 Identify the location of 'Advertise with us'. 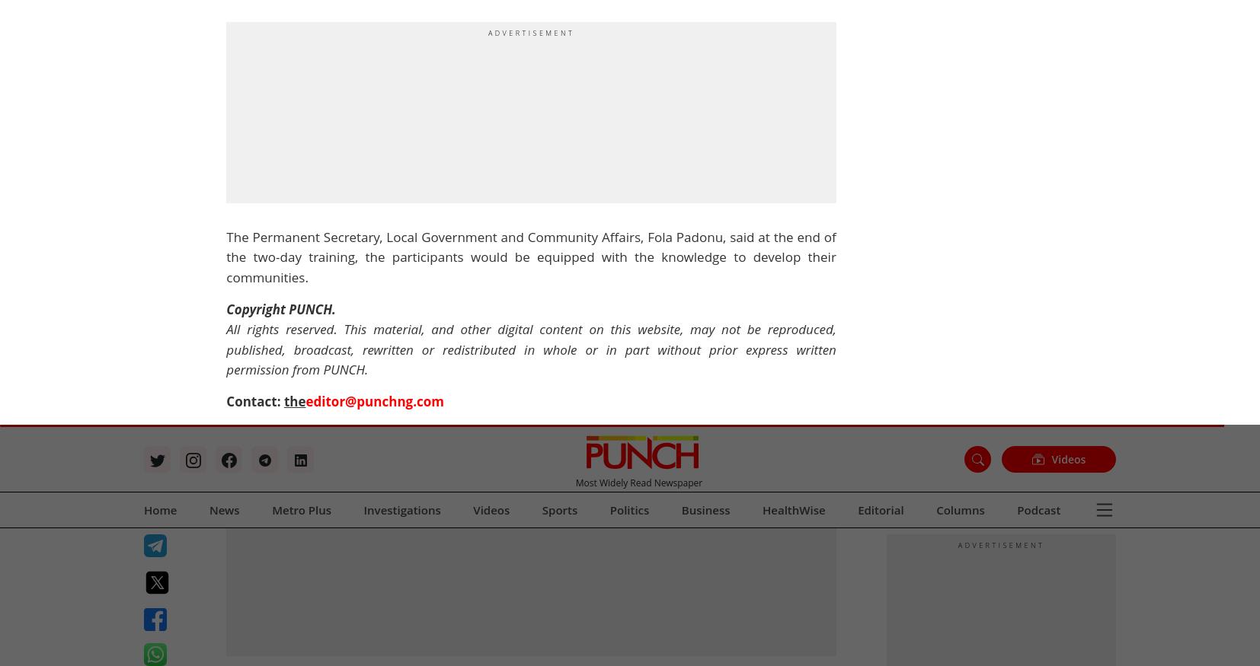
(608, 184).